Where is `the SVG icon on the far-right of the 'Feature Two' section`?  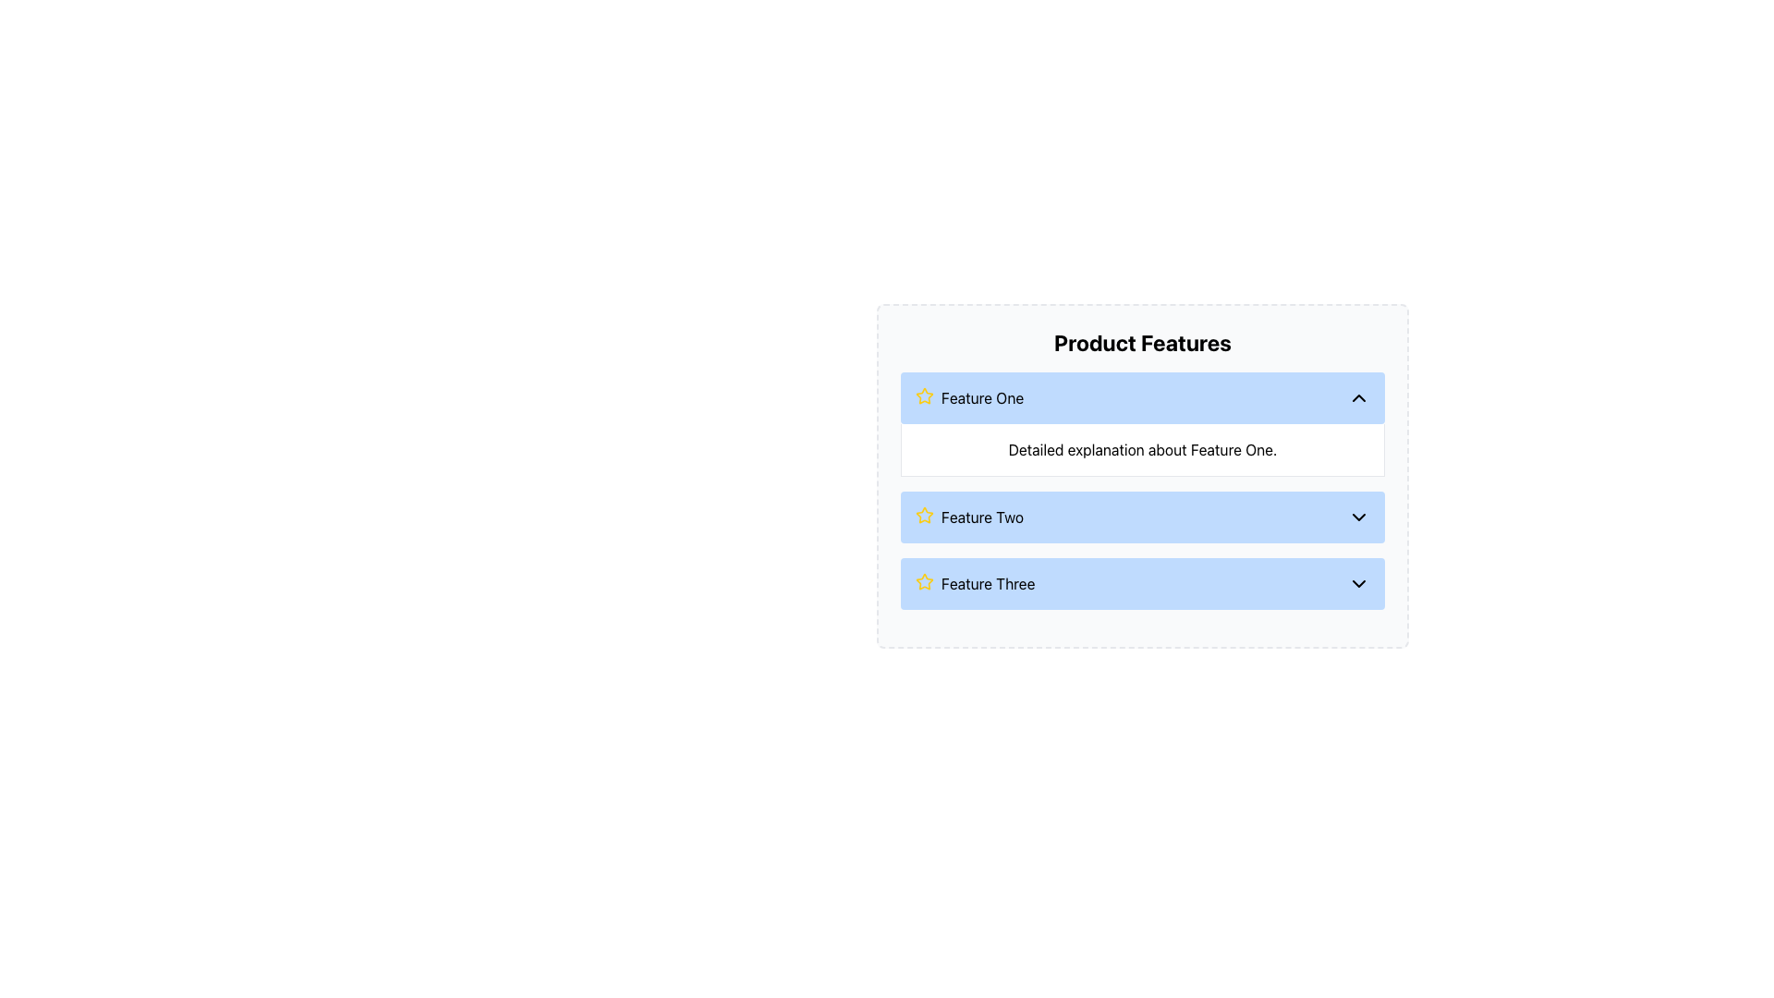
the SVG icon on the far-right of the 'Feature Two' section is located at coordinates (1358, 517).